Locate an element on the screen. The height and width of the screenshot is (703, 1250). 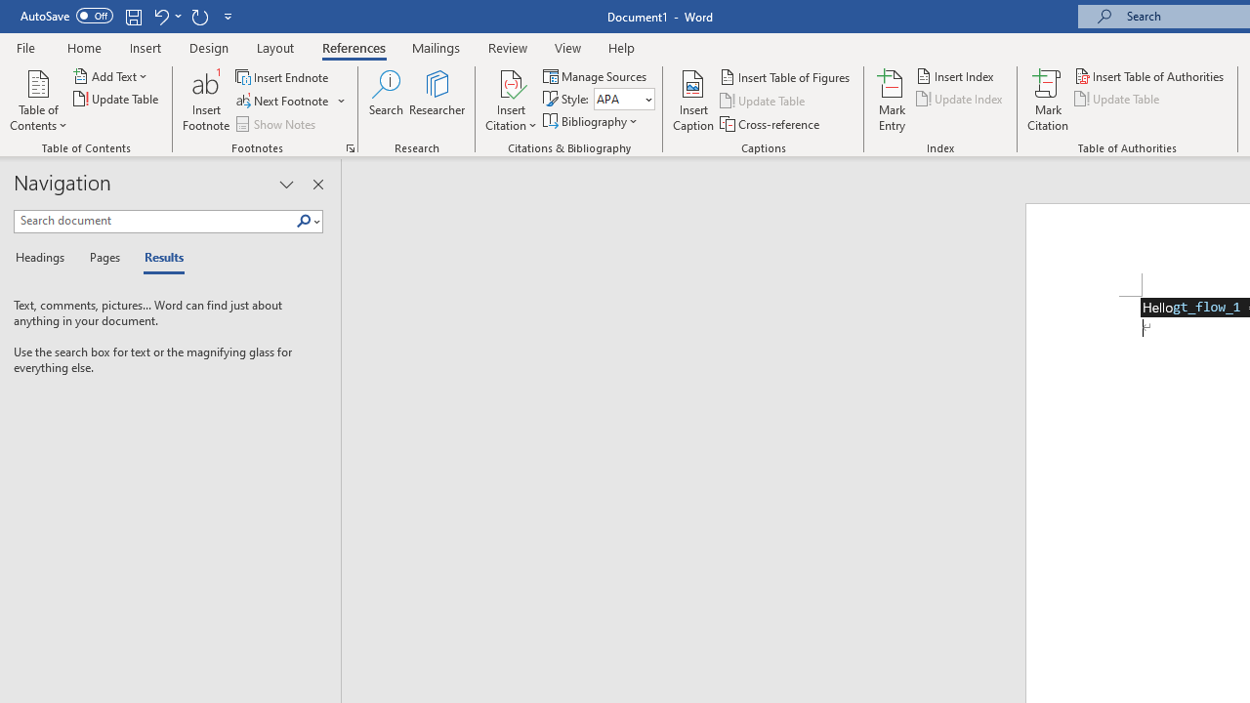
'Class: NetUIImage' is located at coordinates (303, 220).